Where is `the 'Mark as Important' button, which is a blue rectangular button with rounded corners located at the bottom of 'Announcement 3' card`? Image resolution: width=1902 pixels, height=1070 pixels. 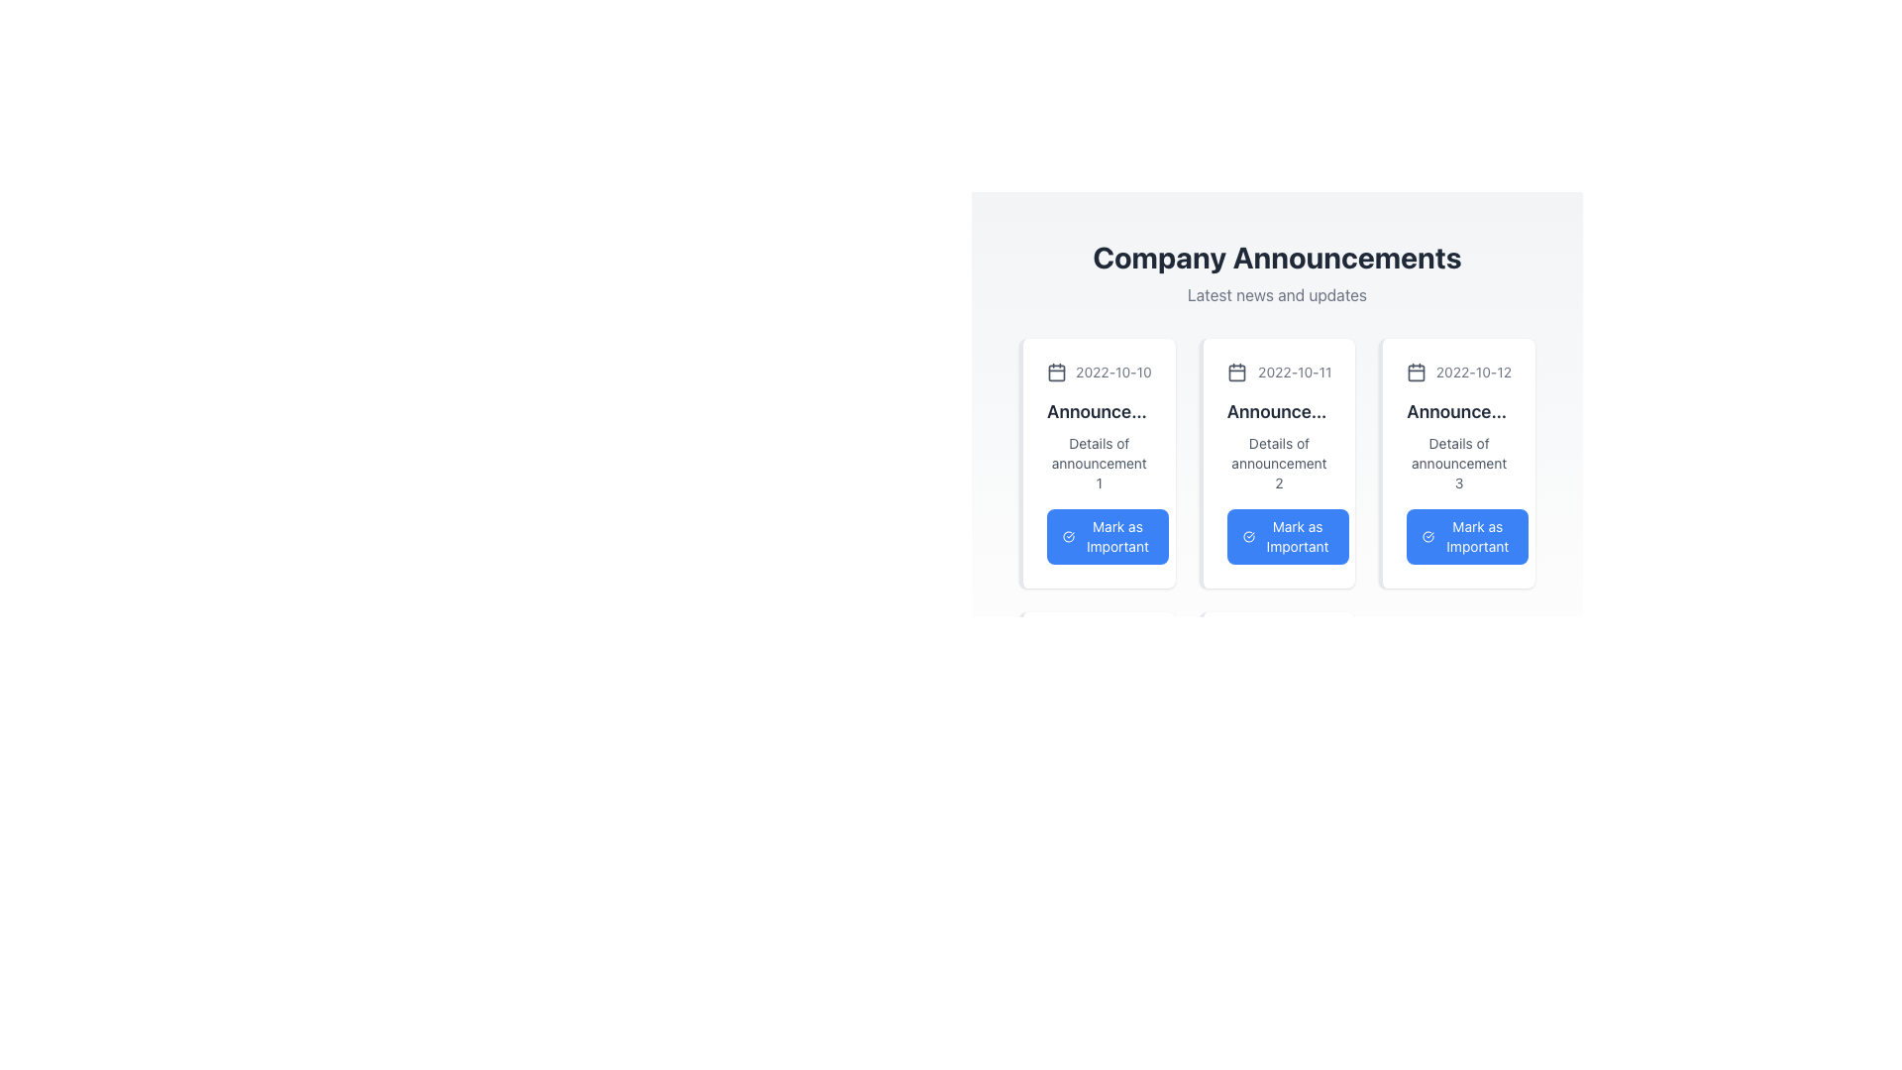
the 'Mark as Important' button, which is a blue rectangular button with rounded corners located at the bottom of 'Announcement 3' card is located at coordinates (1467, 537).